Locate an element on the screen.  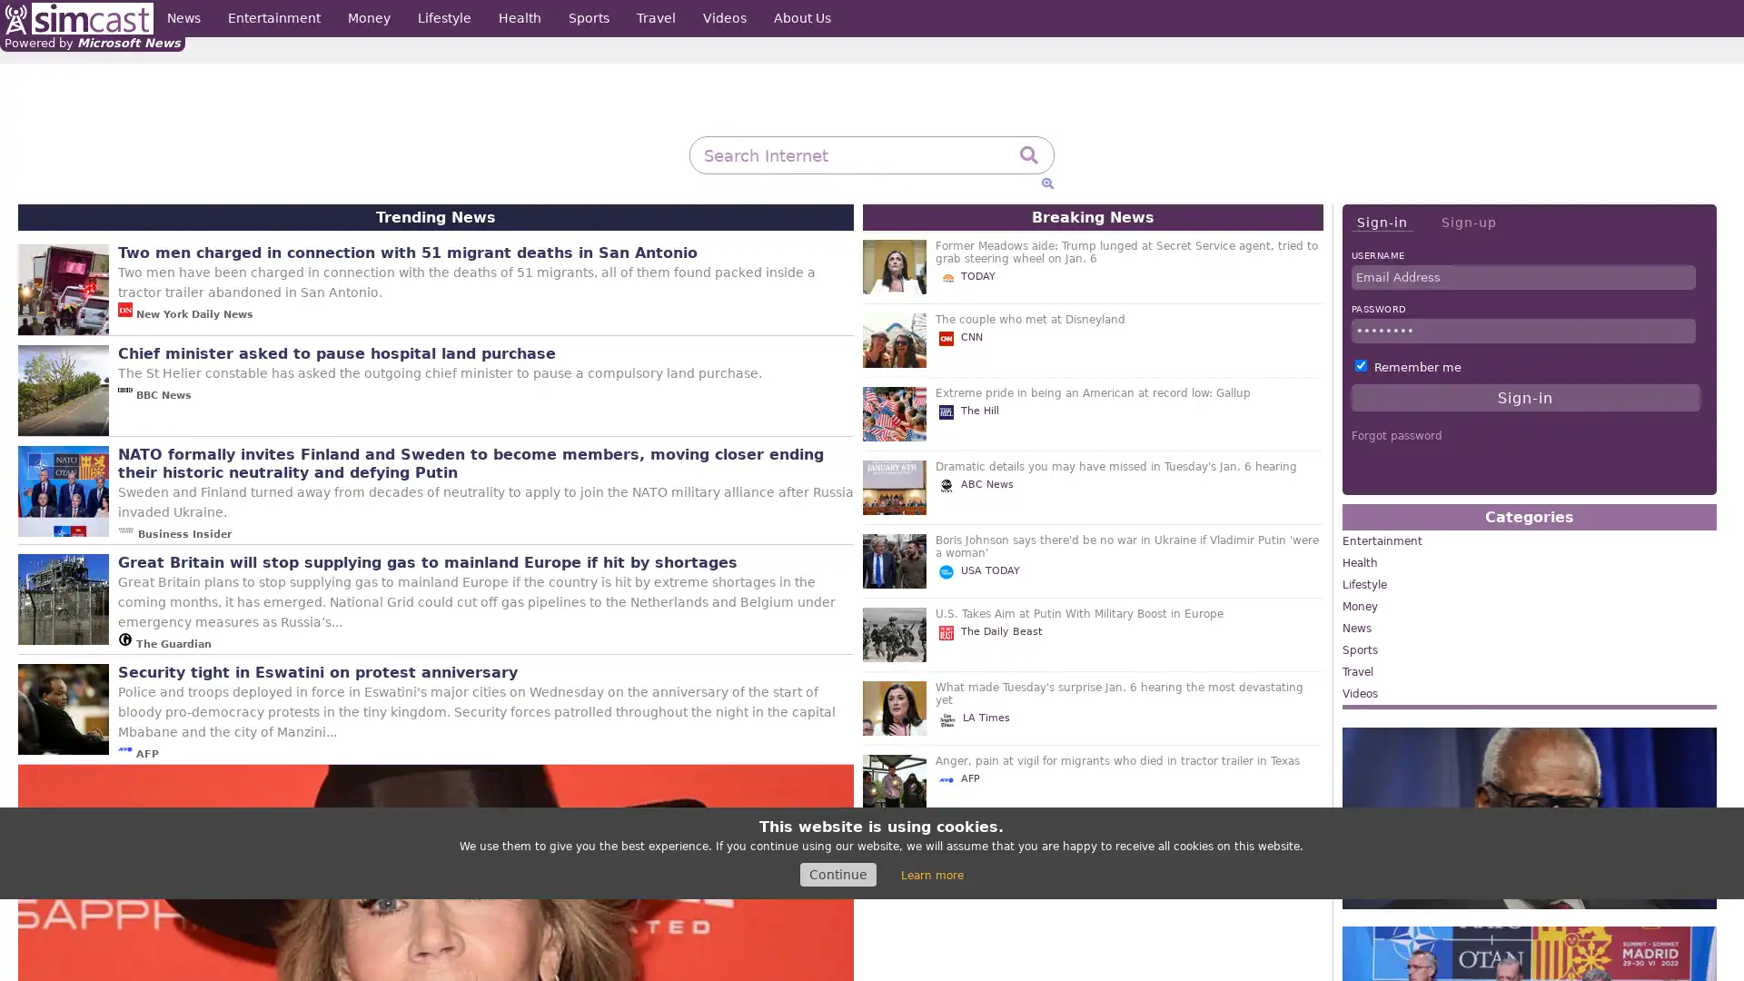
Sign-in is located at coordinates (1525, 397).